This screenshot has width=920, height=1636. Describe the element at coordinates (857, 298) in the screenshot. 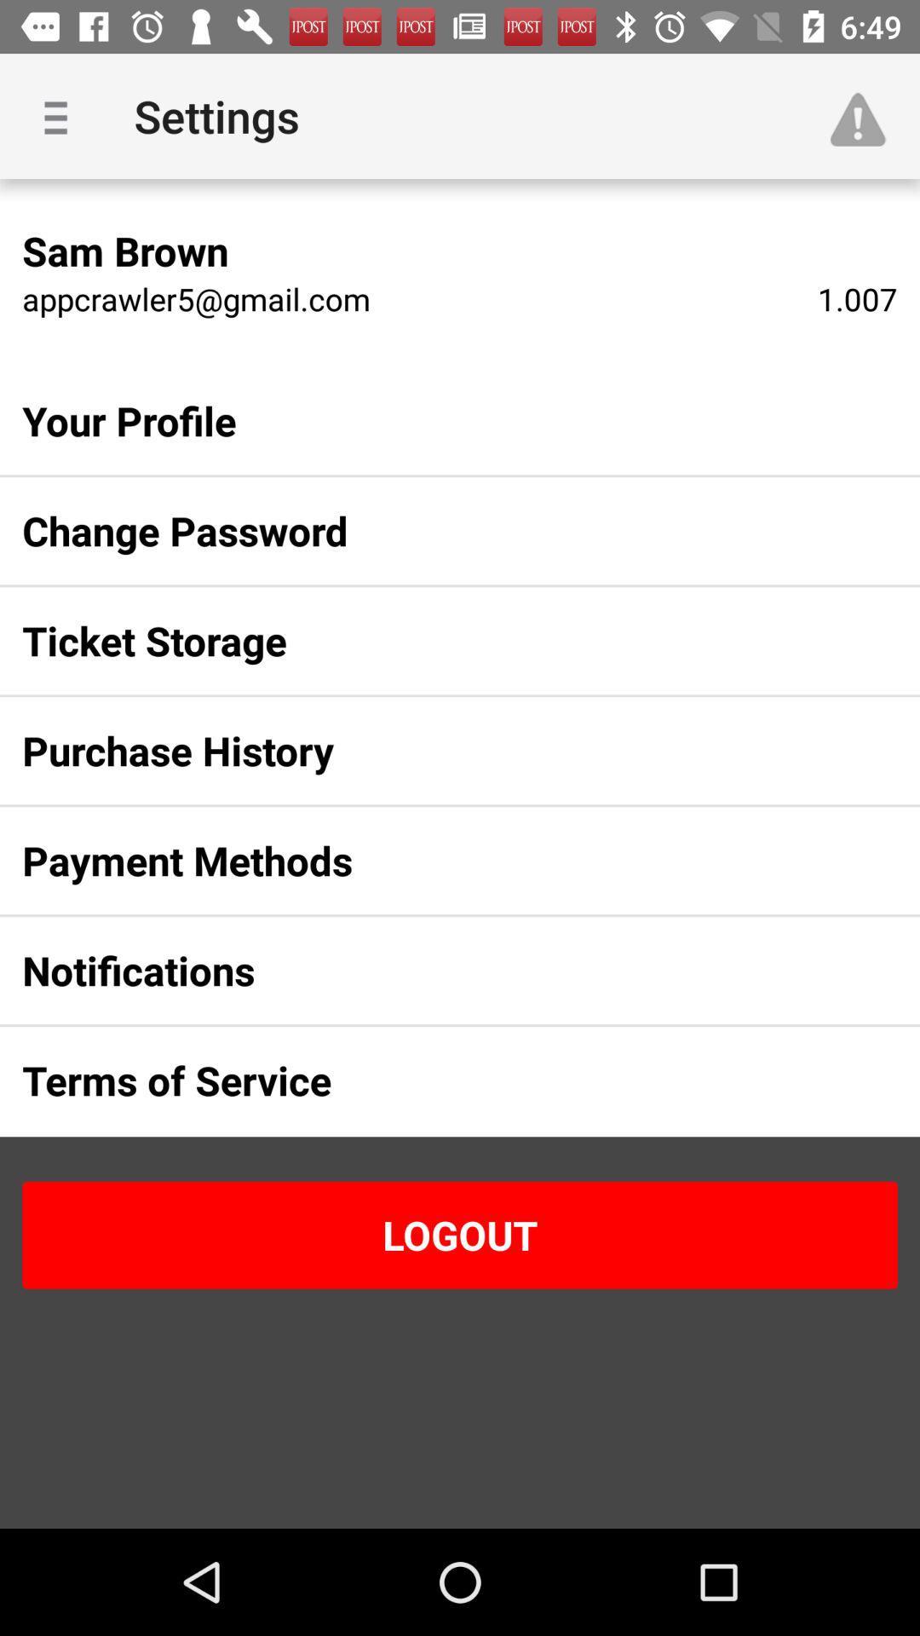

I see `1.007` at that location.